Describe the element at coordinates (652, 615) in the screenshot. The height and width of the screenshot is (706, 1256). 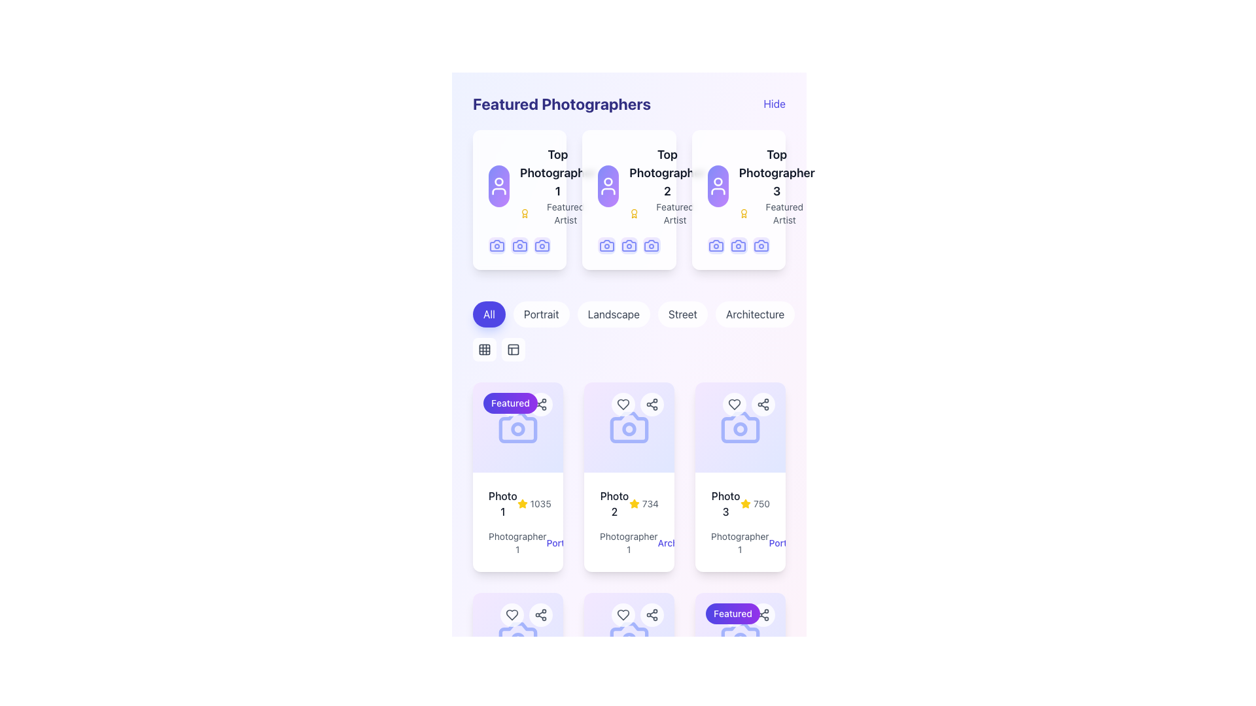
I see `the share button located in the right corner of the card's header, immediately following the heart icon, to share content` at that location.